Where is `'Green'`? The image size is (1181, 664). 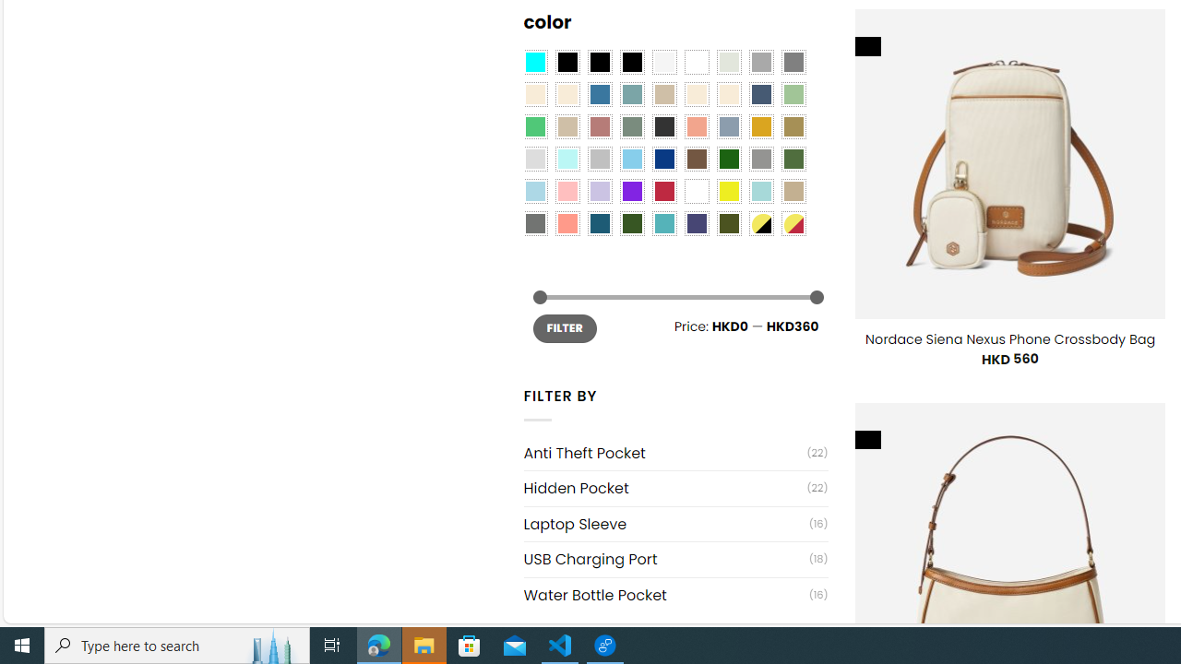
'Green' is located at coordinates (793, 158).